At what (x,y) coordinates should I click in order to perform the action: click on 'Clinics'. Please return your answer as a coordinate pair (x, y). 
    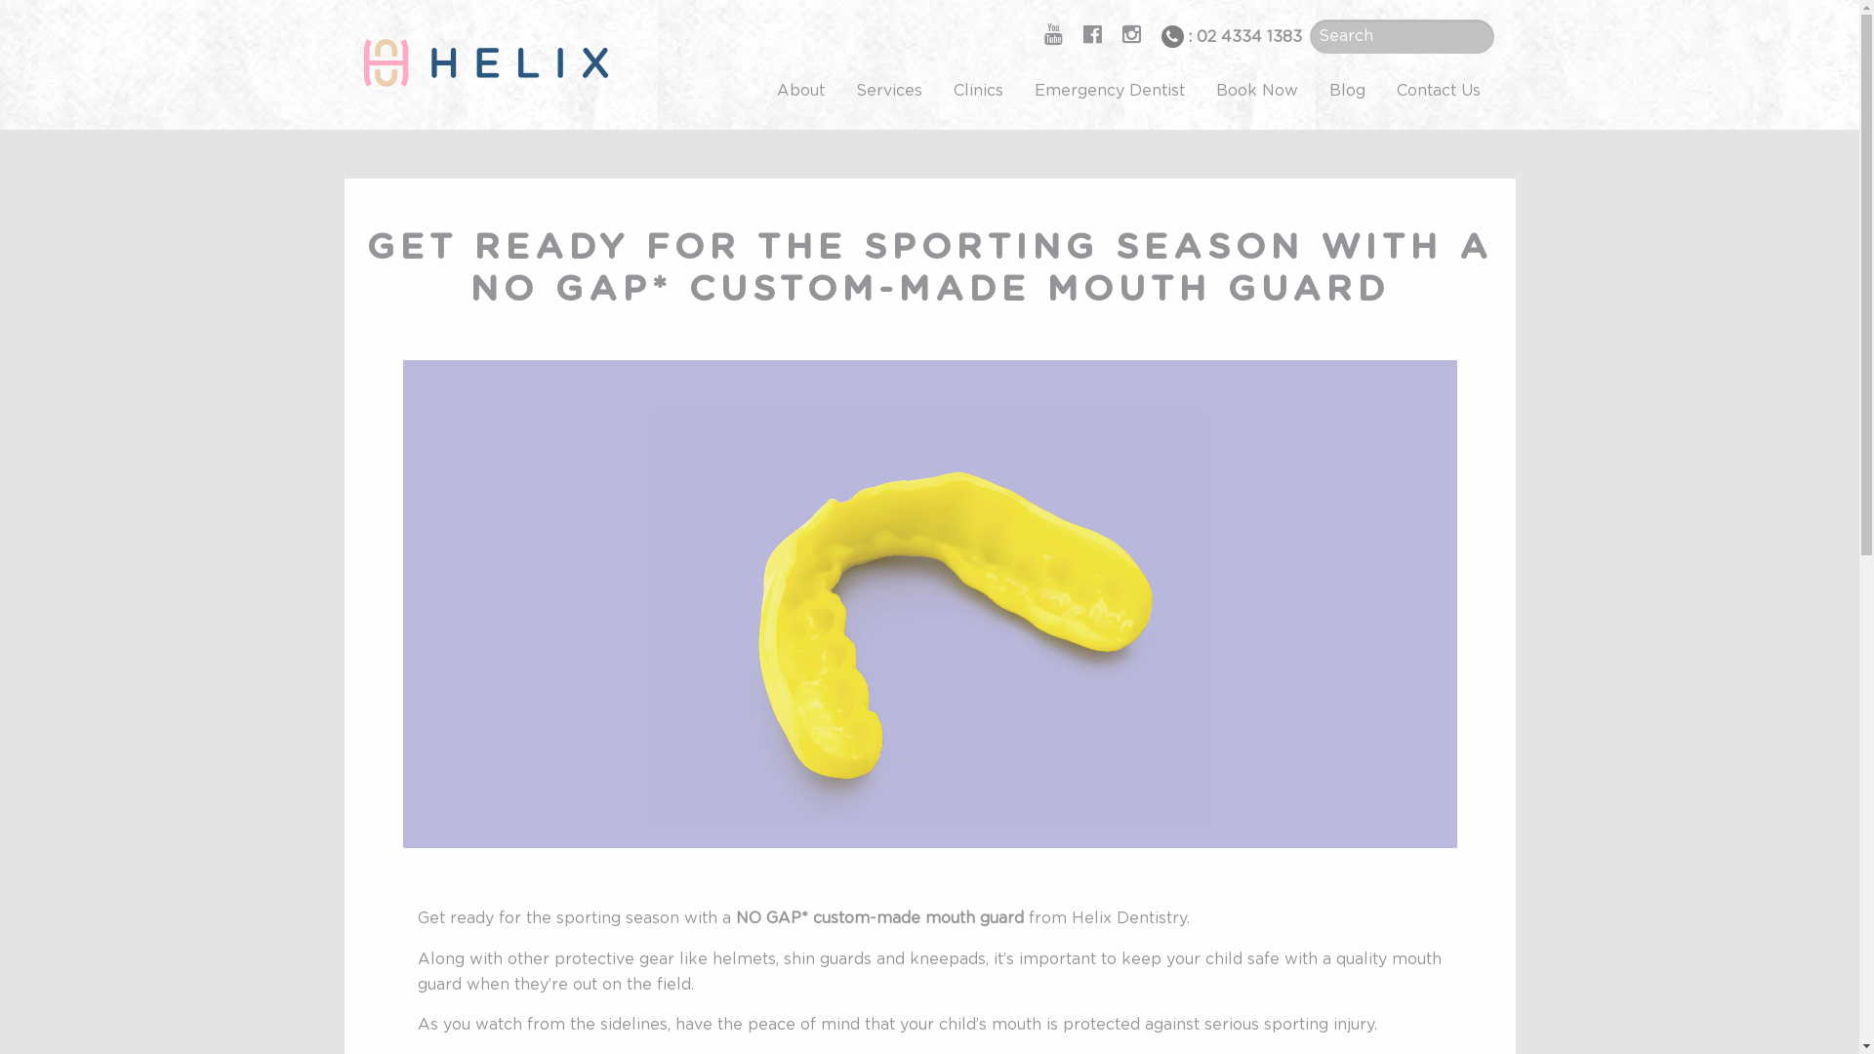
    Looking at the image, I should click on (937, 90).